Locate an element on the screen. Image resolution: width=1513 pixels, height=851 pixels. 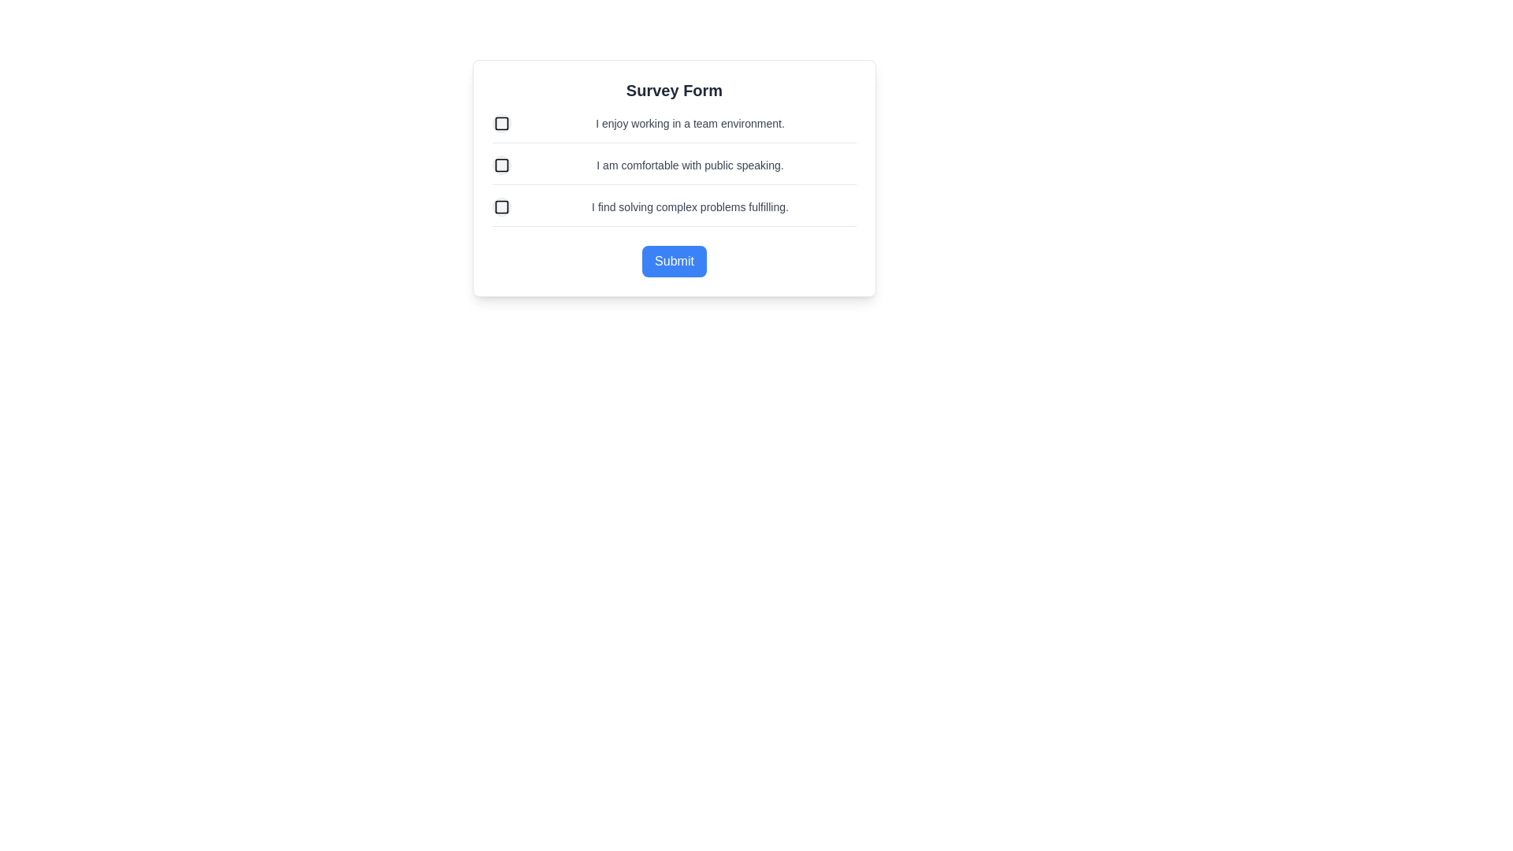
the label that describes the option available for selection next to the checkbox in the first row of the survey form is located at coordinates (690, 123).